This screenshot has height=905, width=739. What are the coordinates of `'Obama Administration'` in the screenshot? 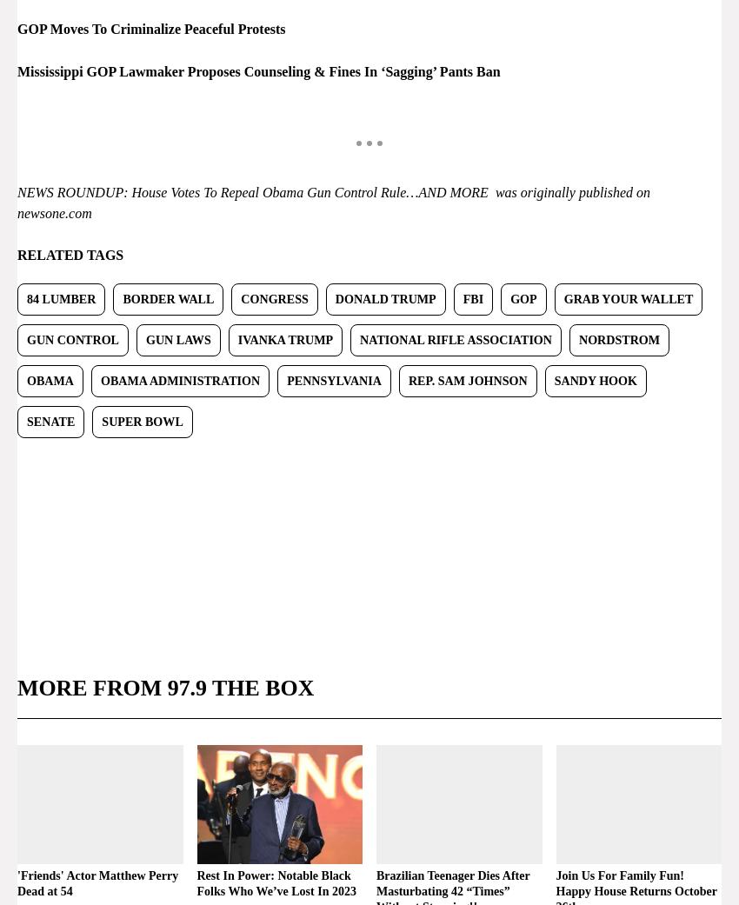 It's located at (178, 379).